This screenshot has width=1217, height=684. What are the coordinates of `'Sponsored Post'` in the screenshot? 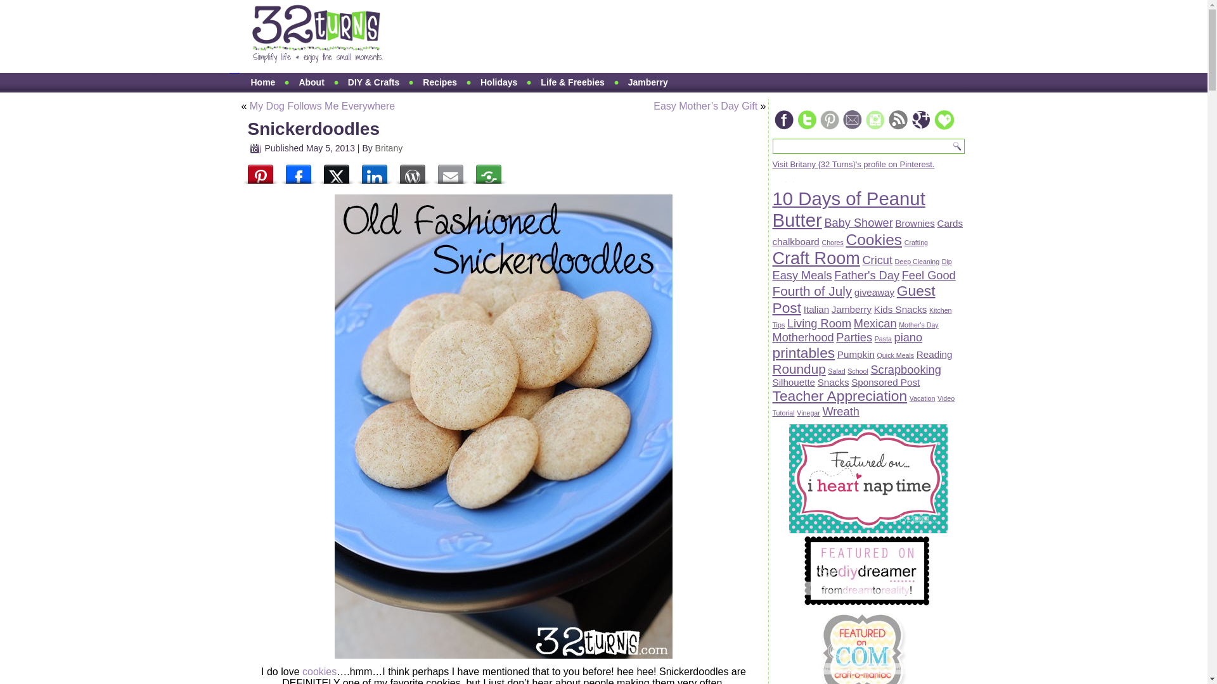 It's located at (884, 381).